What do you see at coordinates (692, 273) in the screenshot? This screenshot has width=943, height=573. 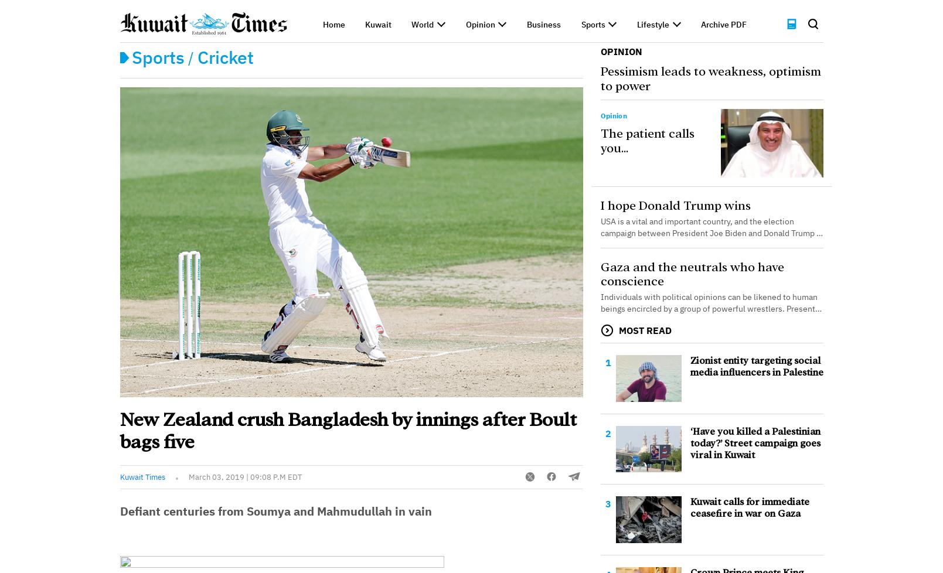 I see `'Gaza and the neutrals who have conscience'` at bounding box center [692, 273].